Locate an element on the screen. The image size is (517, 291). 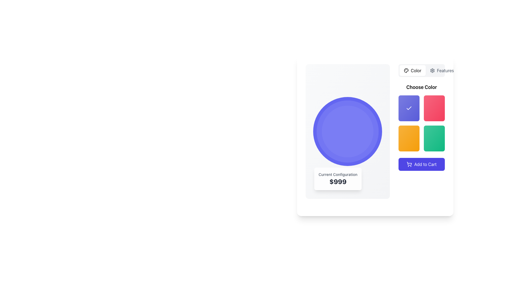
the selectable amber color button located in the lower-left quadrant of the grid under the 'Choose Color' section is located at coordinates (409, 138).